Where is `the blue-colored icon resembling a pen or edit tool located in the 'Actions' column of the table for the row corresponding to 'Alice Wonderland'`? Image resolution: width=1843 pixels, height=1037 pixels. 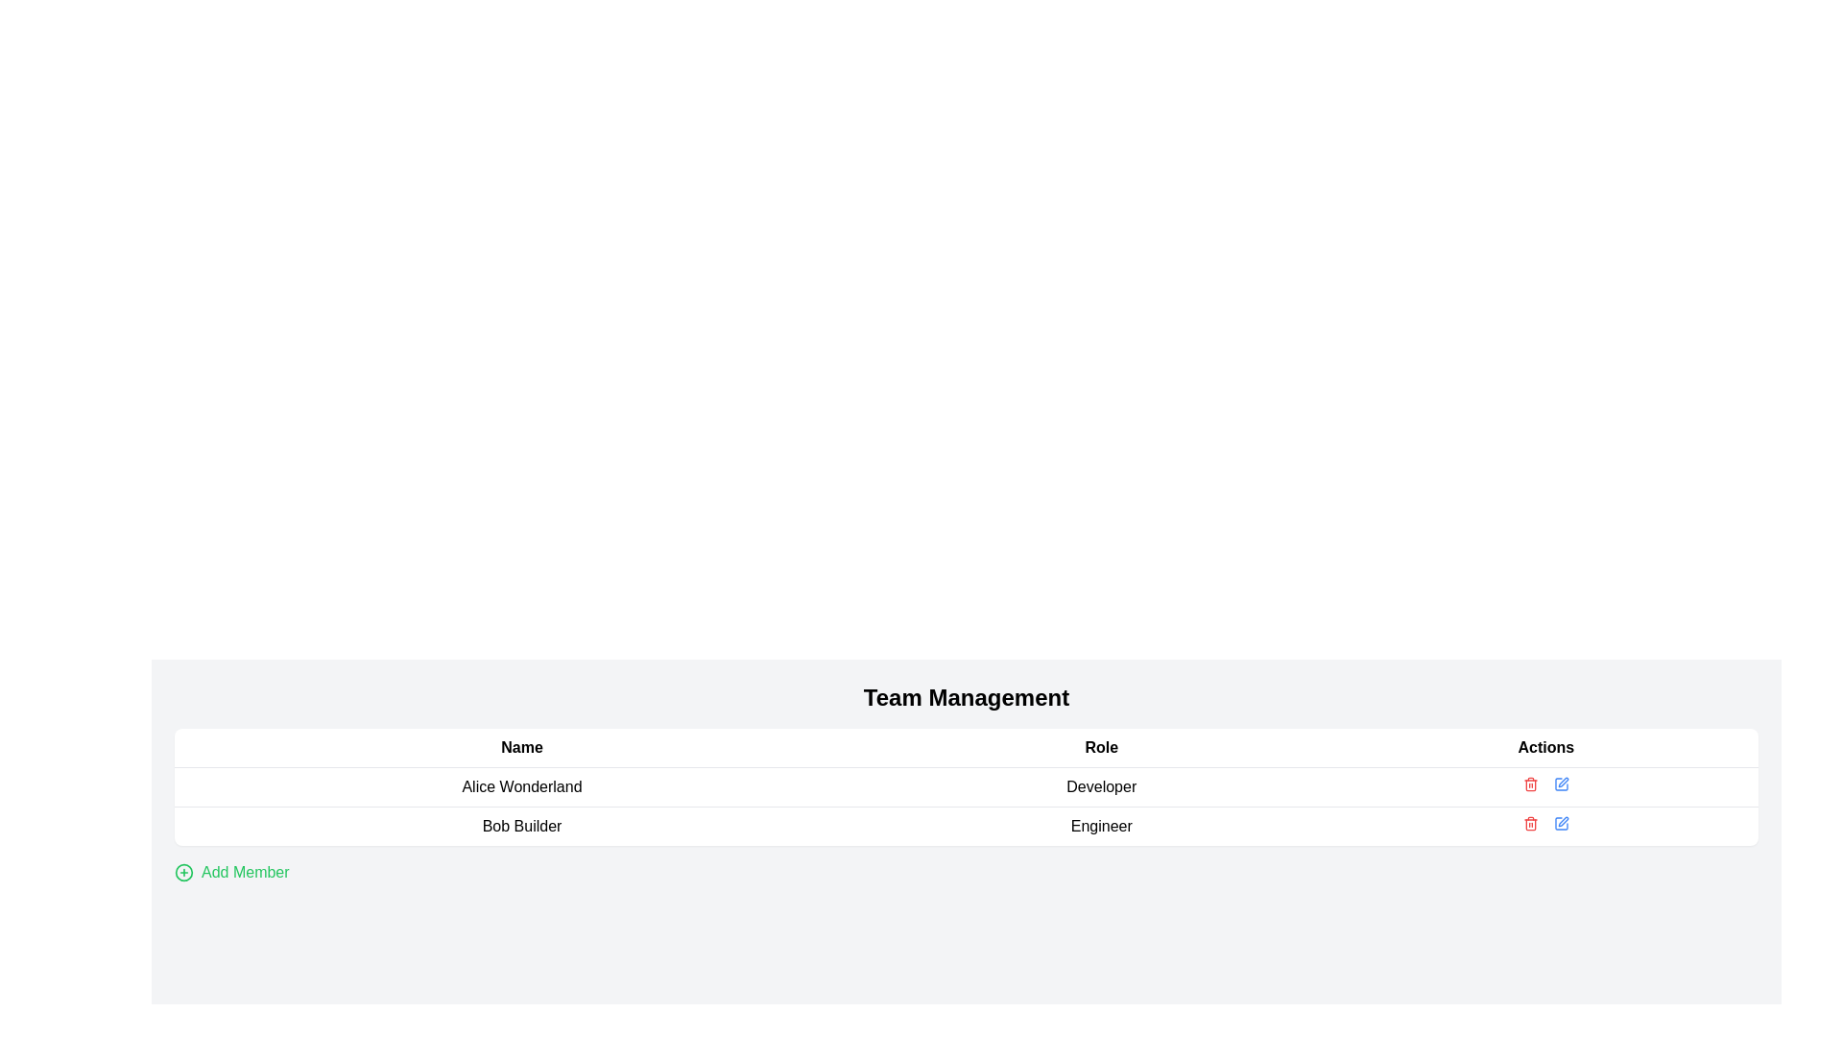 the blue-colored icon resembling a pen or edit tool located in the 'Actions' column of the table for the row corresponding to 'Alice Wonderland' is located at coordinates (1561, 784).